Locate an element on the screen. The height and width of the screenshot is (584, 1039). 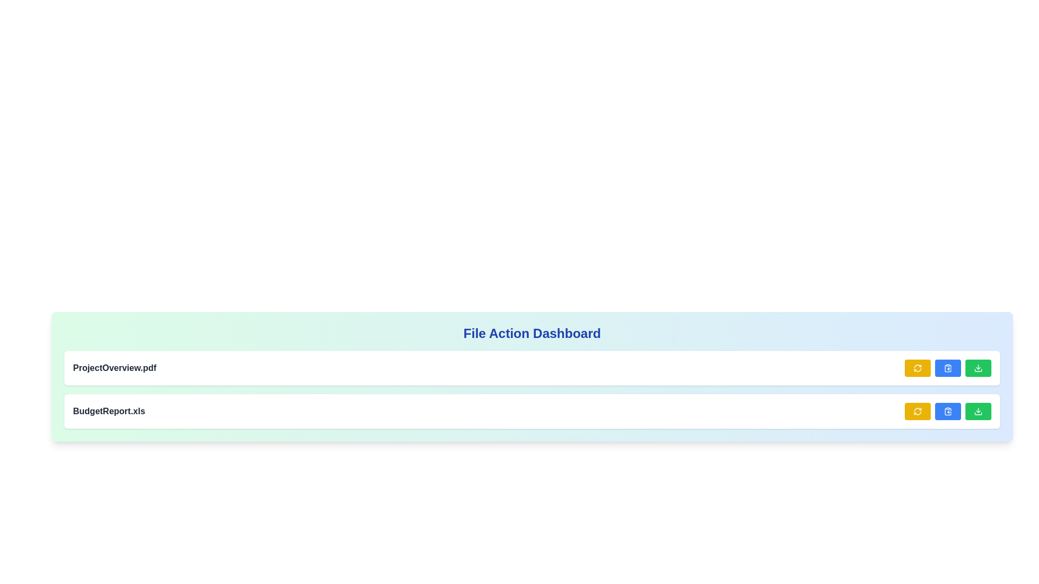
the static text label displaying the file name 'ProjectOverview.pdf' in bold, dark gray font is located at coordinates (114, 368).